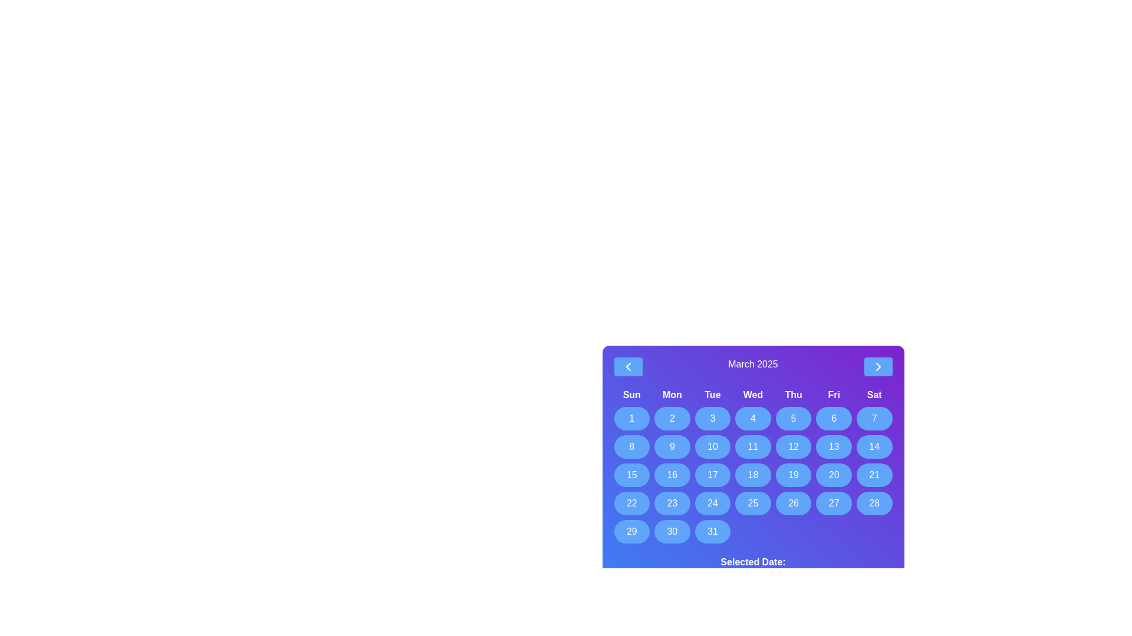 The image size is (1132, 636). Describe the element at coordinates (631, 474) in the screenshot. I see `the rounded blue button displaying '15'` at that location.